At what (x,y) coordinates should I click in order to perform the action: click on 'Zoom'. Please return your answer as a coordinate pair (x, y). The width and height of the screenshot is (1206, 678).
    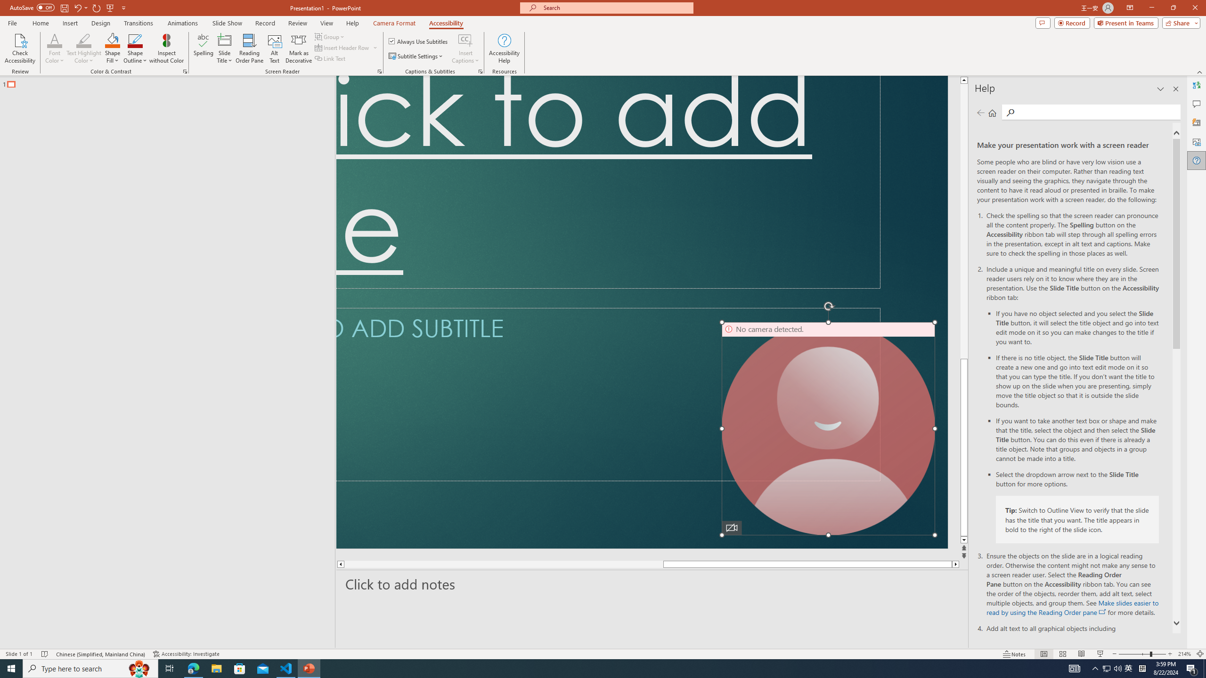
    Looking at the image, I should click on (1142, 654).